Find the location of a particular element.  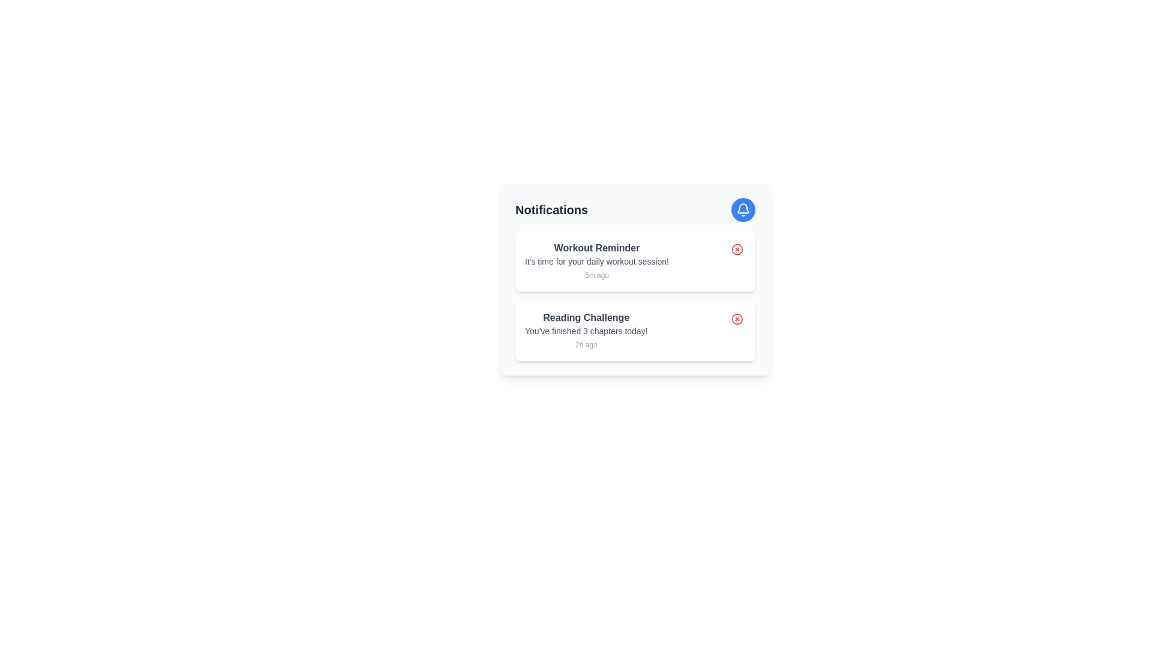

the Icon button with a bell symbol located in the top-right corner of the Notifications panel is located at coordinates (742, 209).